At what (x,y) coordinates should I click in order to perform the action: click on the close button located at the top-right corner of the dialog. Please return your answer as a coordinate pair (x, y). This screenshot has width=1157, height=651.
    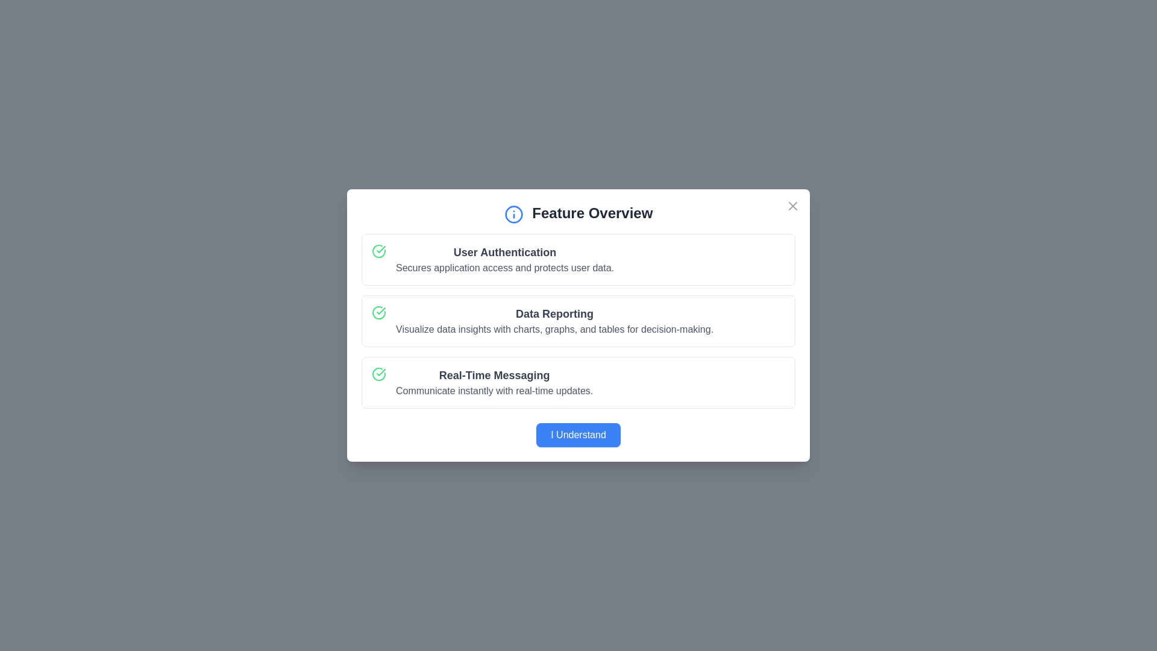
    Looking at the image, I should click on (792, 206).